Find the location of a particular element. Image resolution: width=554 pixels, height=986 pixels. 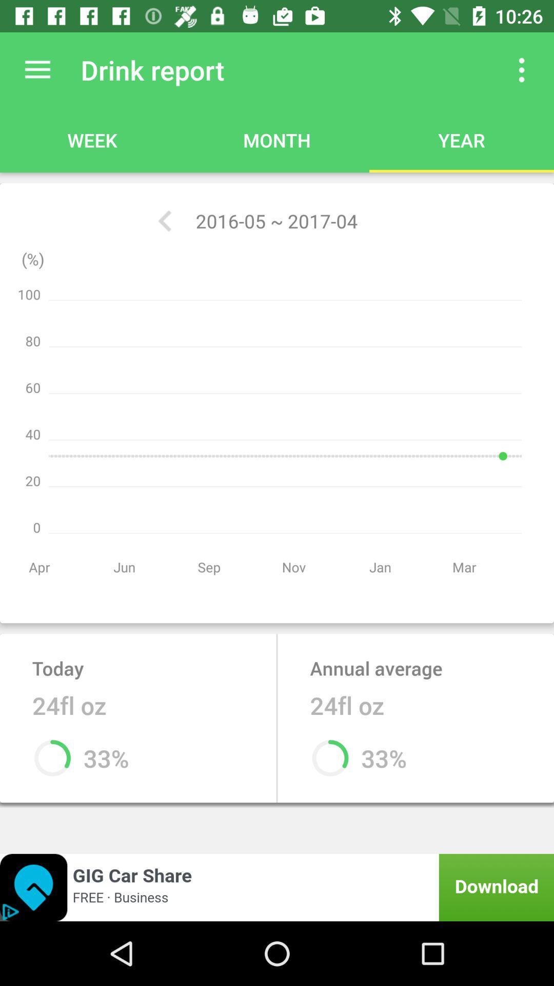

open an advertisements is located at coordinates (277, 887).